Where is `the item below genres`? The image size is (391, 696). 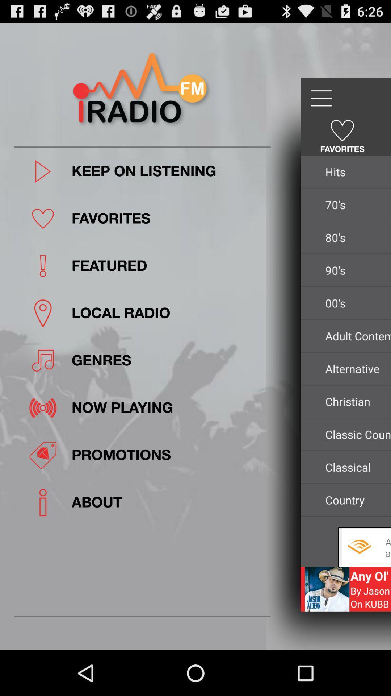
the item below genres is located at coordinates (169, 408).